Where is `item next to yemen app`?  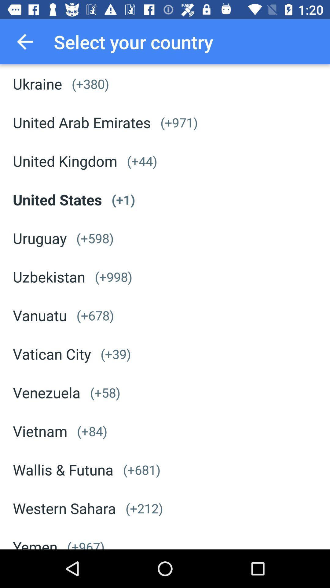 item next to yemen app is located at coordinates (86, 544).